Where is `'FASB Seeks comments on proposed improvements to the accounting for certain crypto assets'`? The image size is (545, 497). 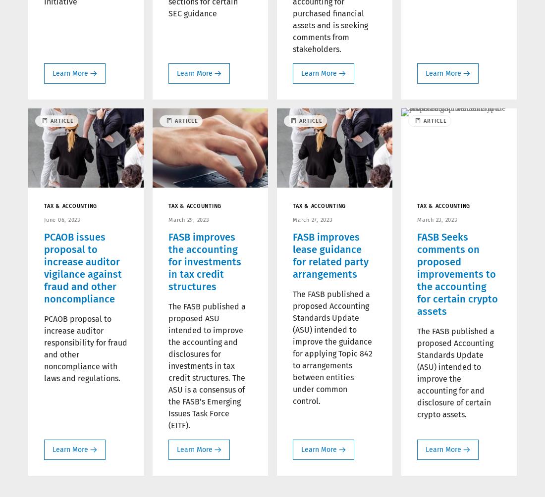 'FASB Seeks comments on proposed improvements to the accounting for certain crypto assets' is located at coordinates (457, 274).